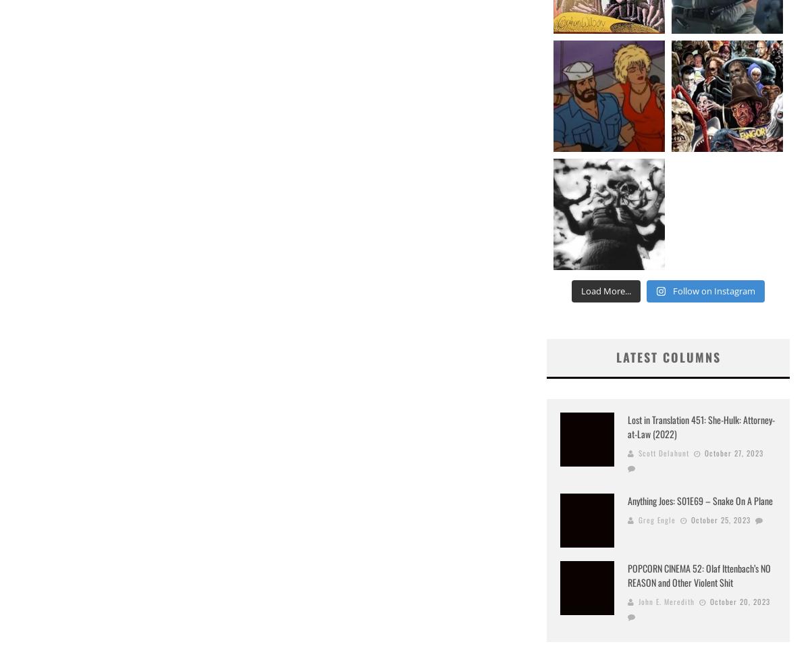  I want to click on 'Load More...', so click(605, 290).